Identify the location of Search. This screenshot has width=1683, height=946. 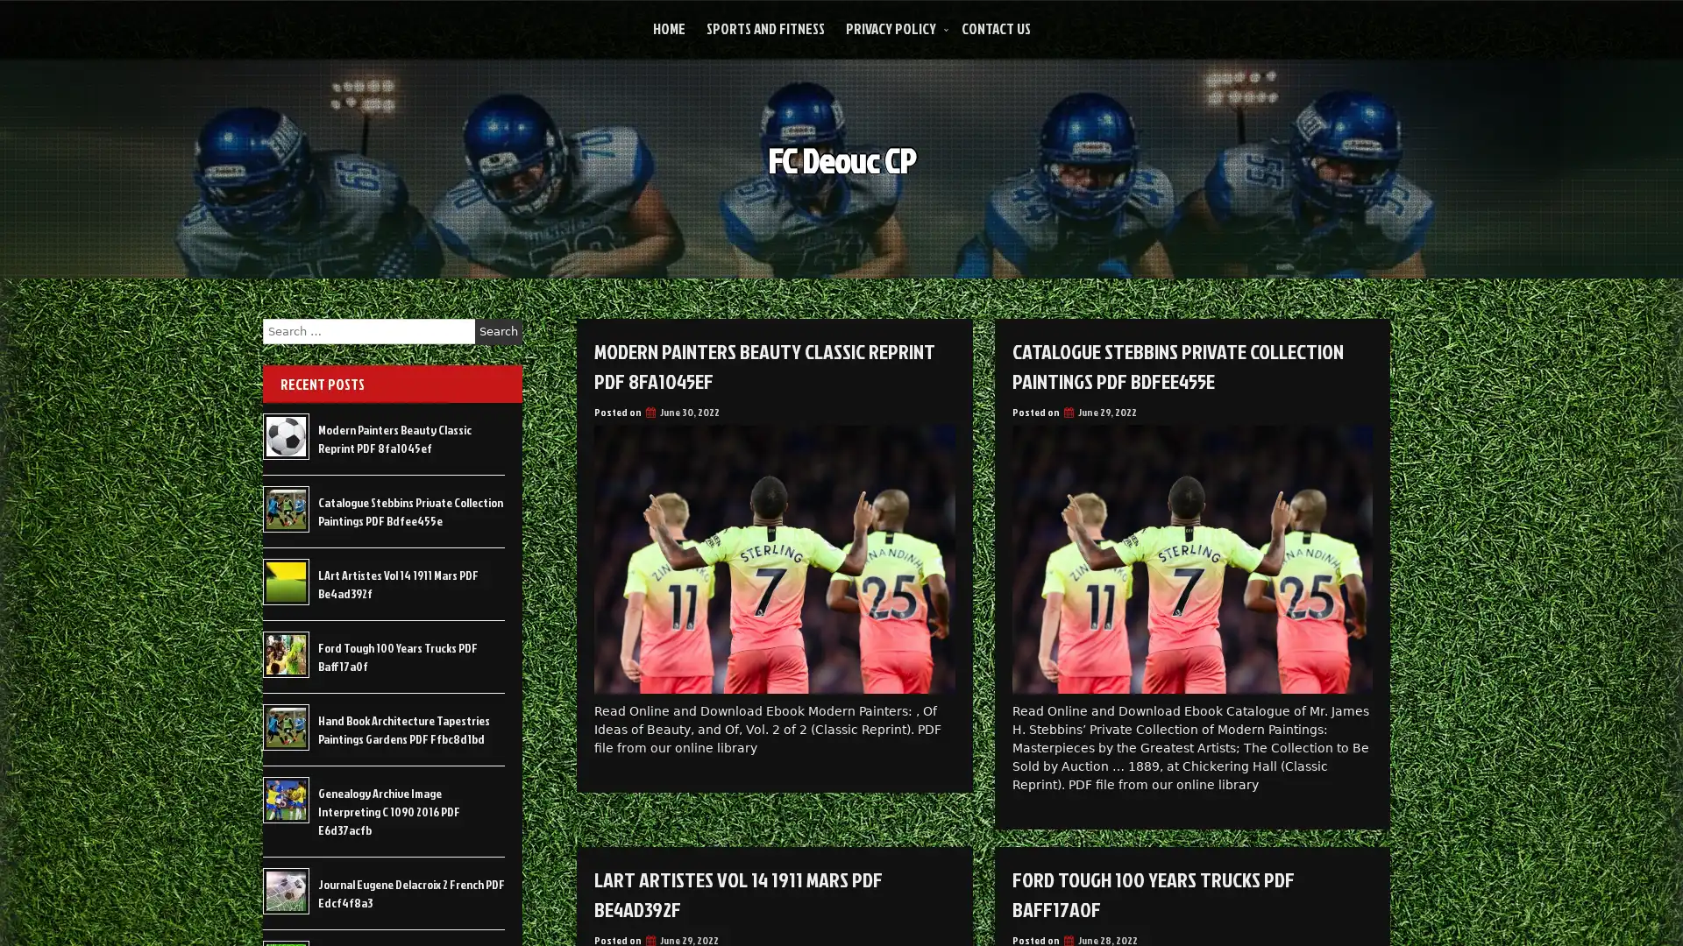
(498, 331).